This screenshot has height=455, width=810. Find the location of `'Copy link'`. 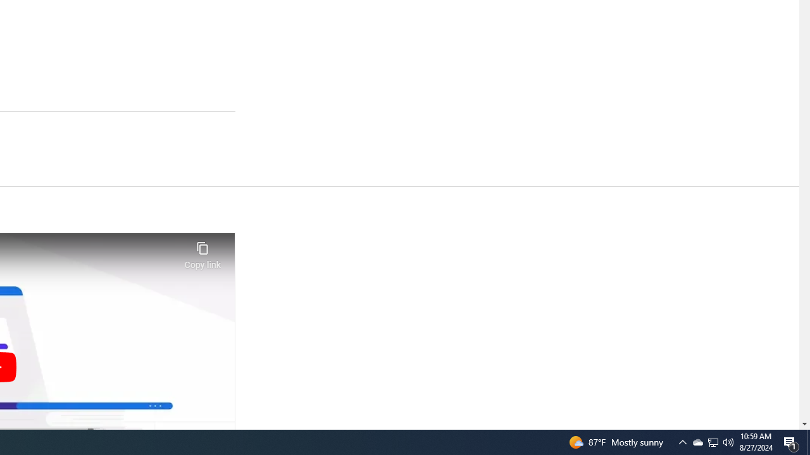

'Copy link' is located at coordinates (202, 252).